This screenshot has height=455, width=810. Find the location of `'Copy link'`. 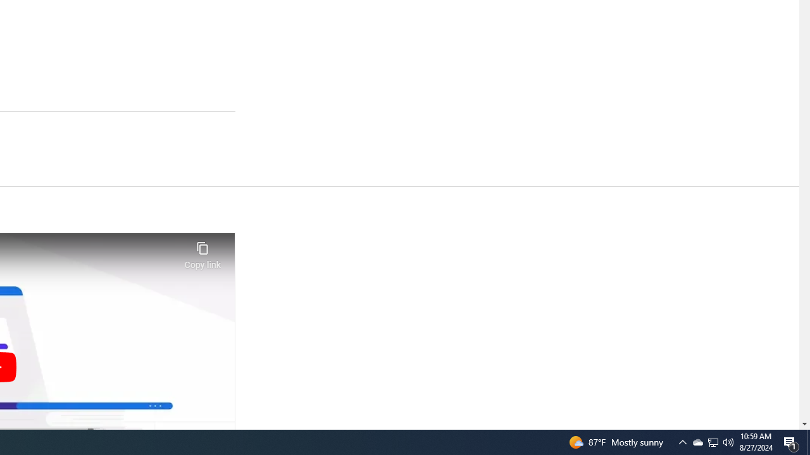

'Copy link' is located at coordinates (202, 252).